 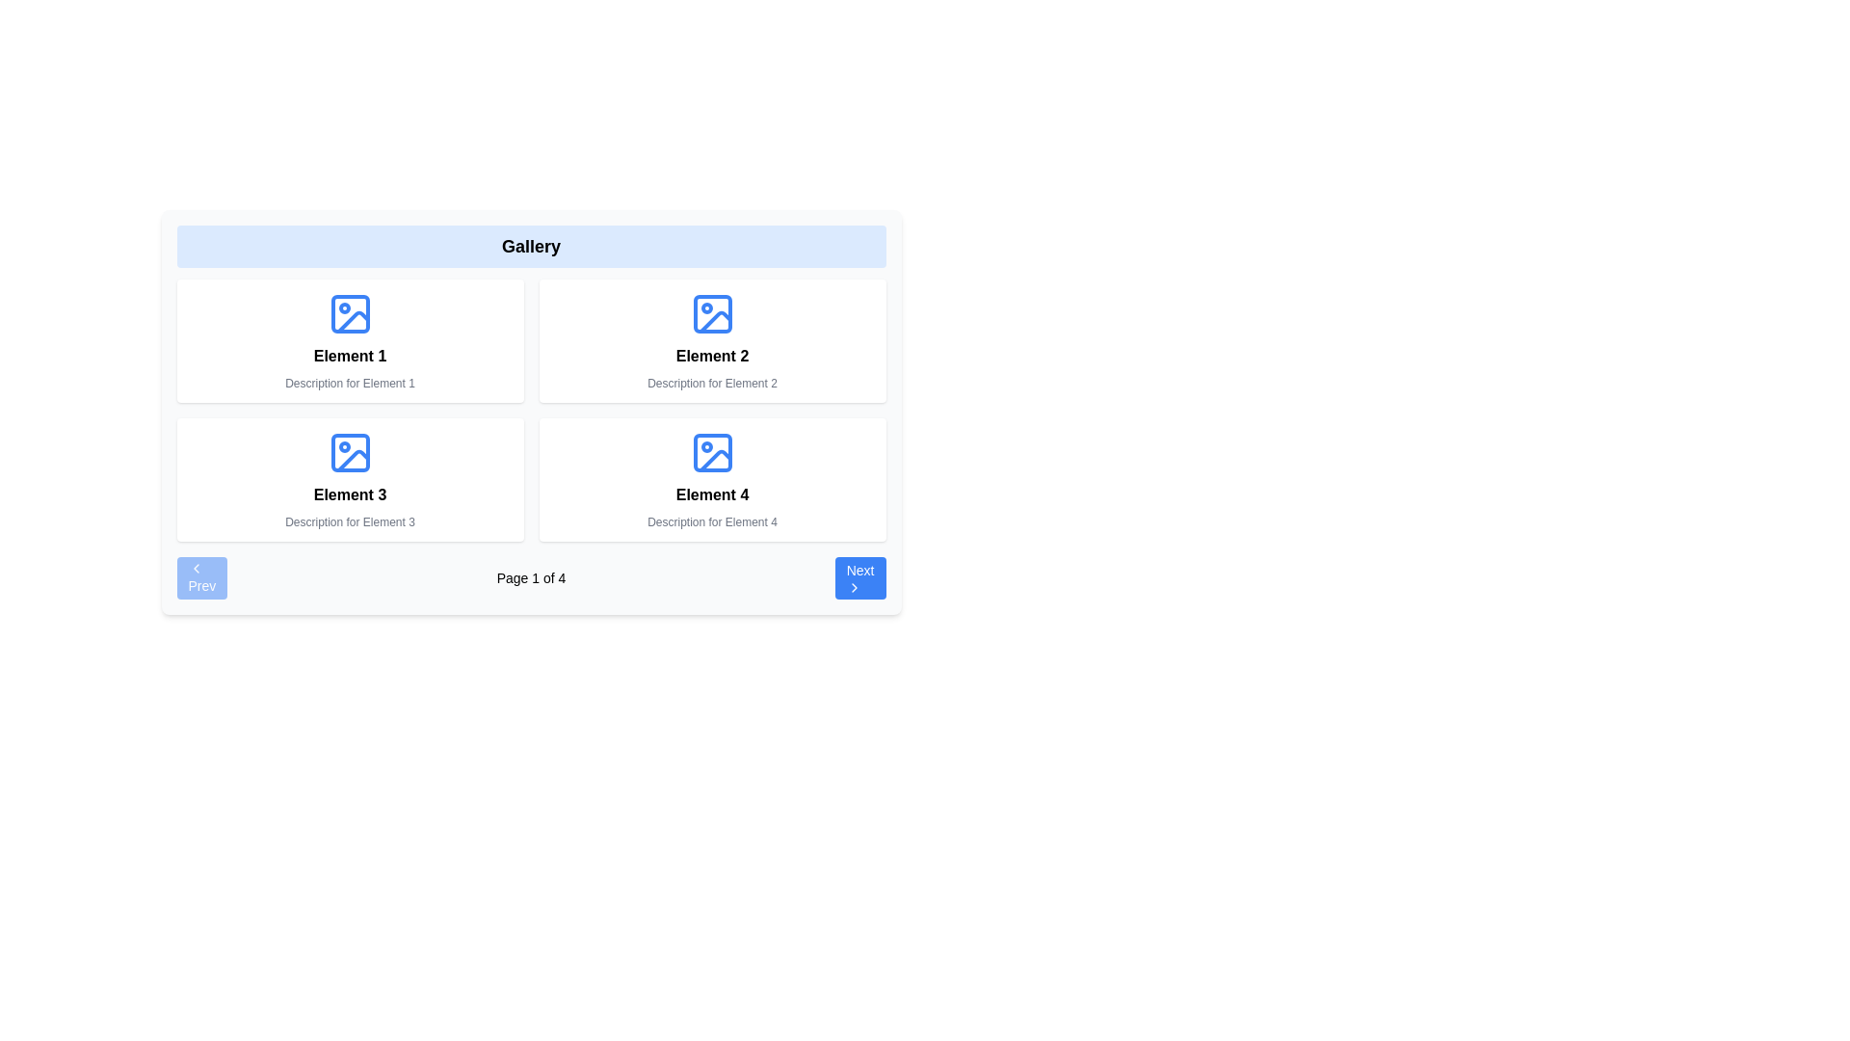 I want to click on the text component displaying 'Description for Element 2', which is located directly below the label 'Element 2' in the second content card of the top row in a grid layout, so click(x=711, y=383).